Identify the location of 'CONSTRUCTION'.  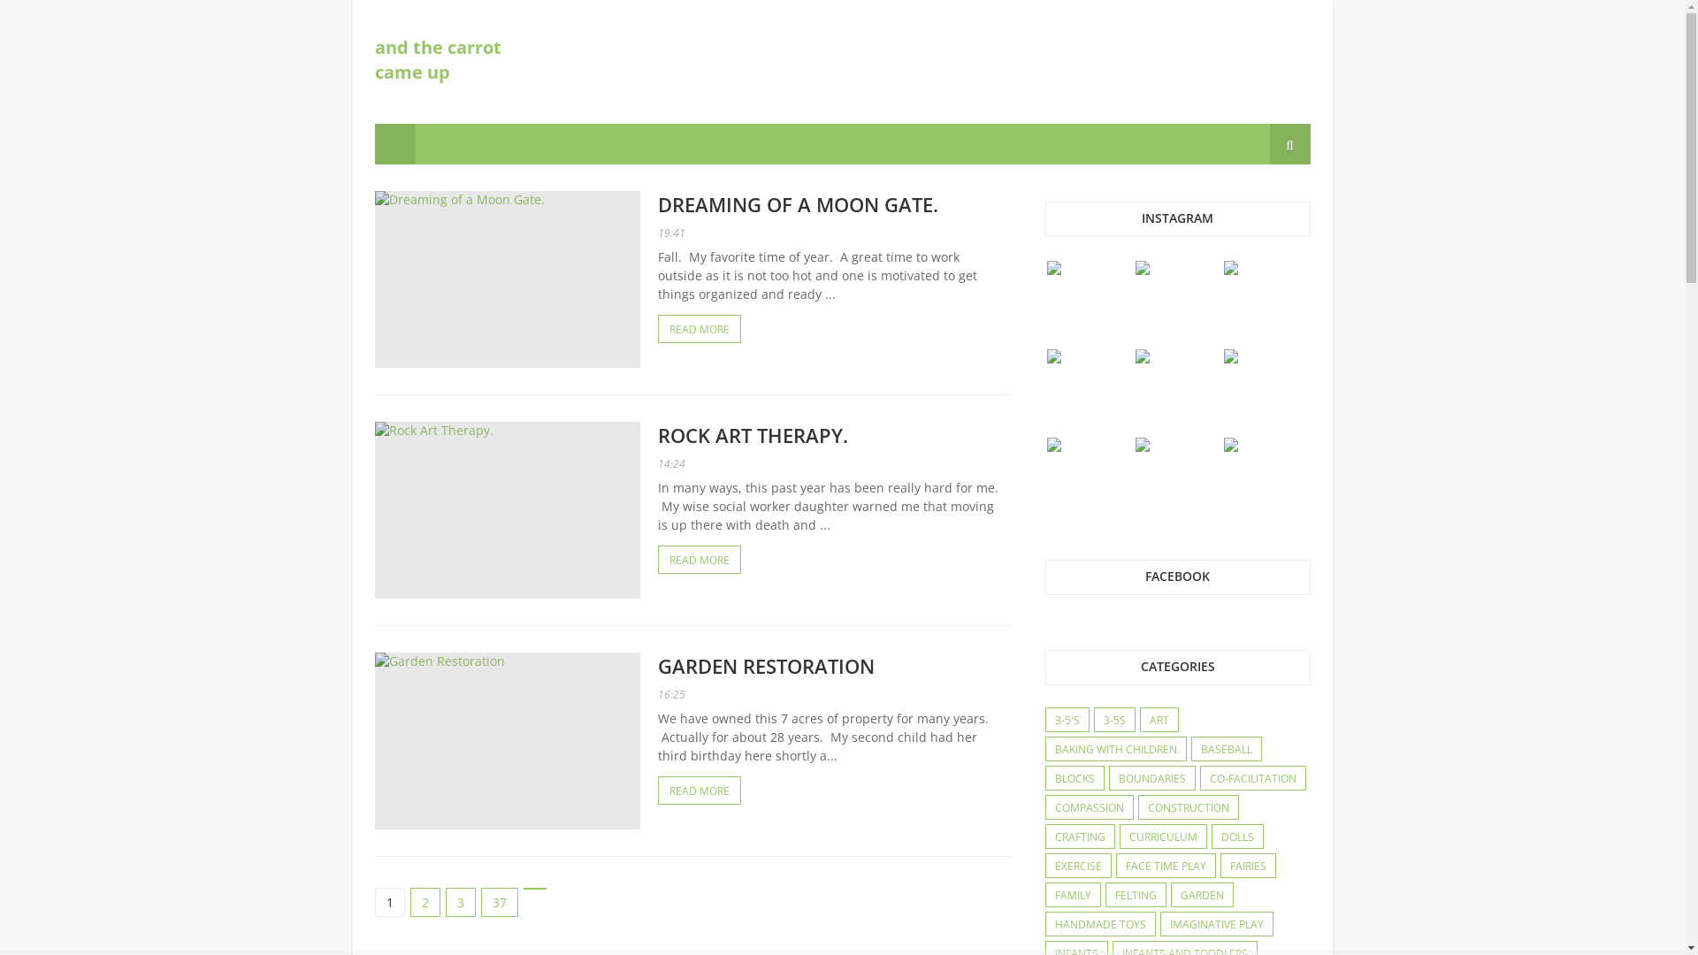
(1189, 808).